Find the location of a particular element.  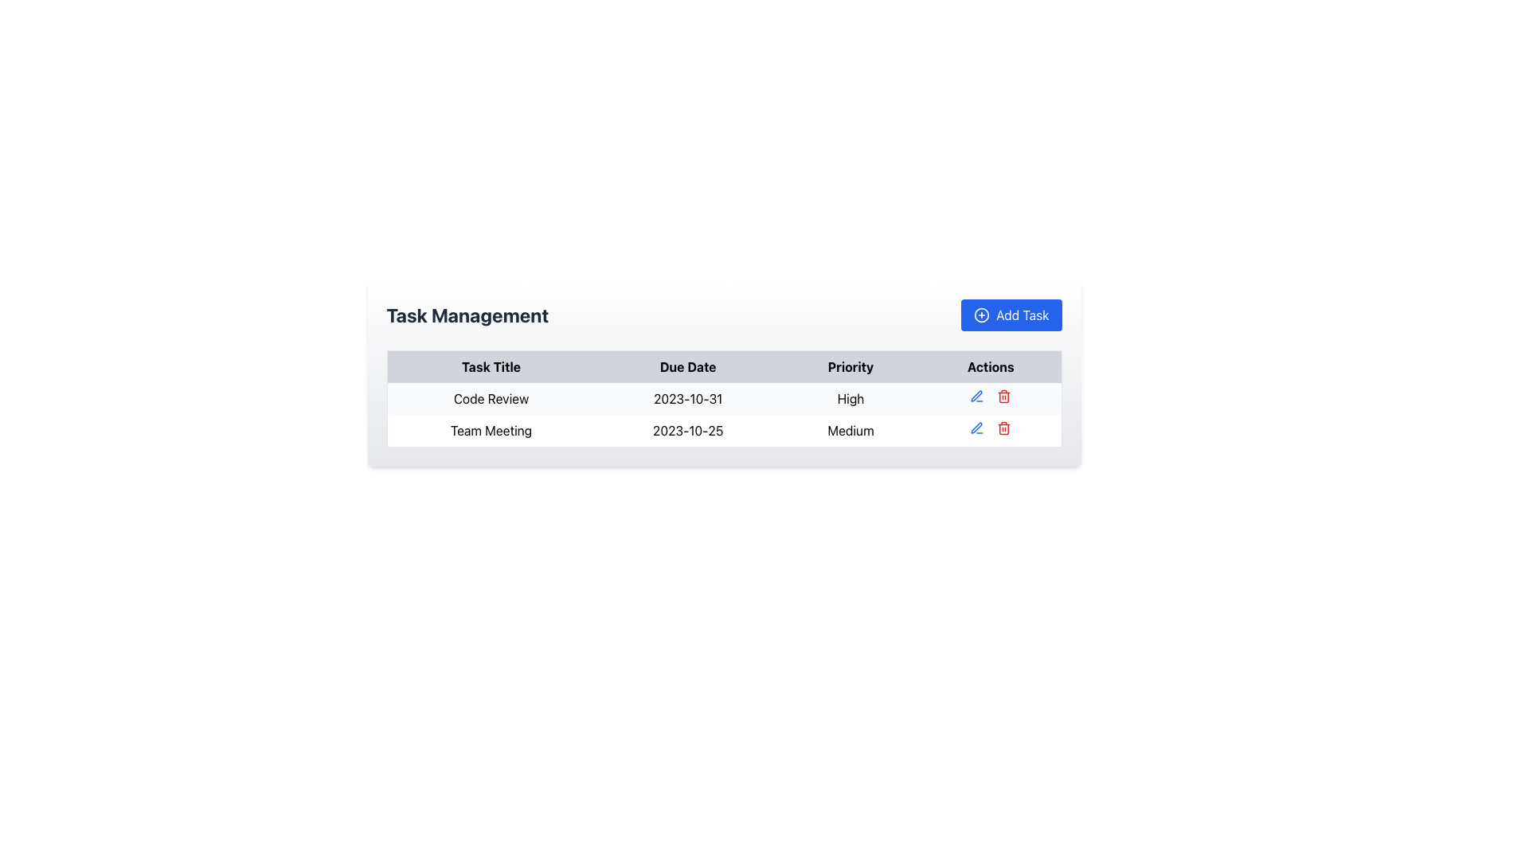

the Text Label that indicates task titles, which is the first cell in the header row of a data table is located at coordinates (490, 366).